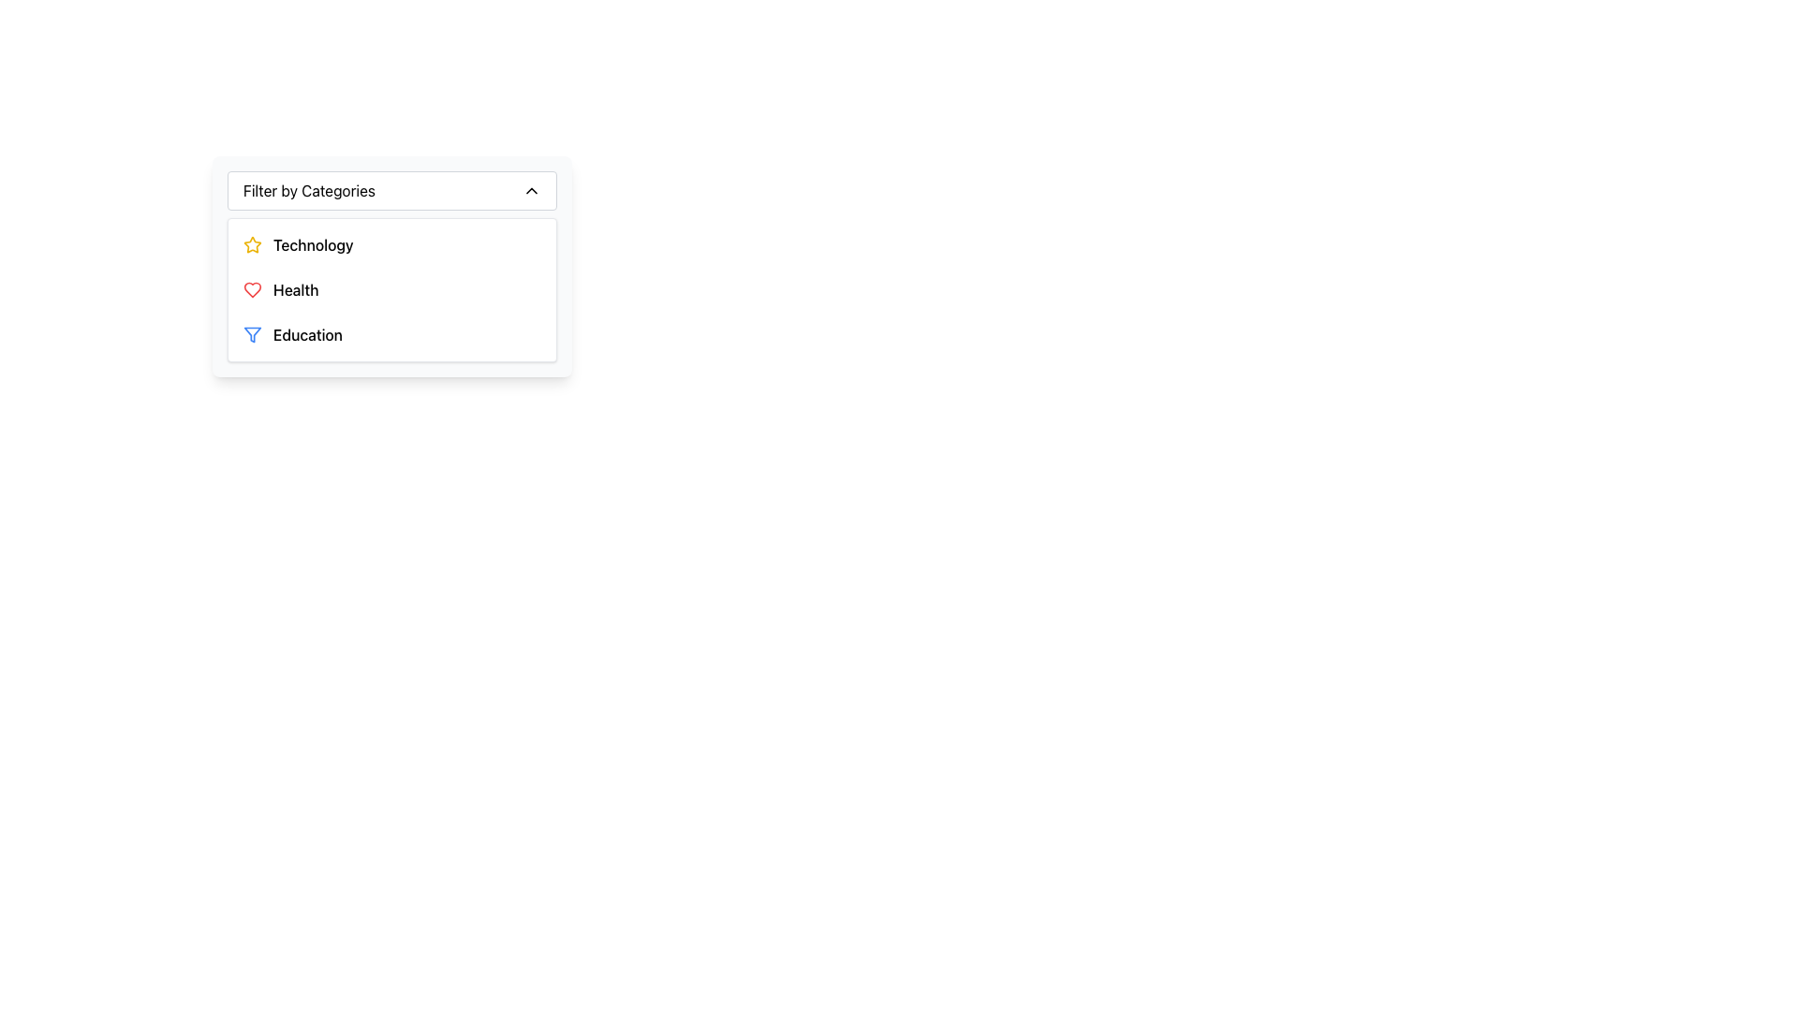  I want to click on the 'Education' category filter option, which is the third entry in the vertical list under 'Filter by Categories', so click(391, 334).